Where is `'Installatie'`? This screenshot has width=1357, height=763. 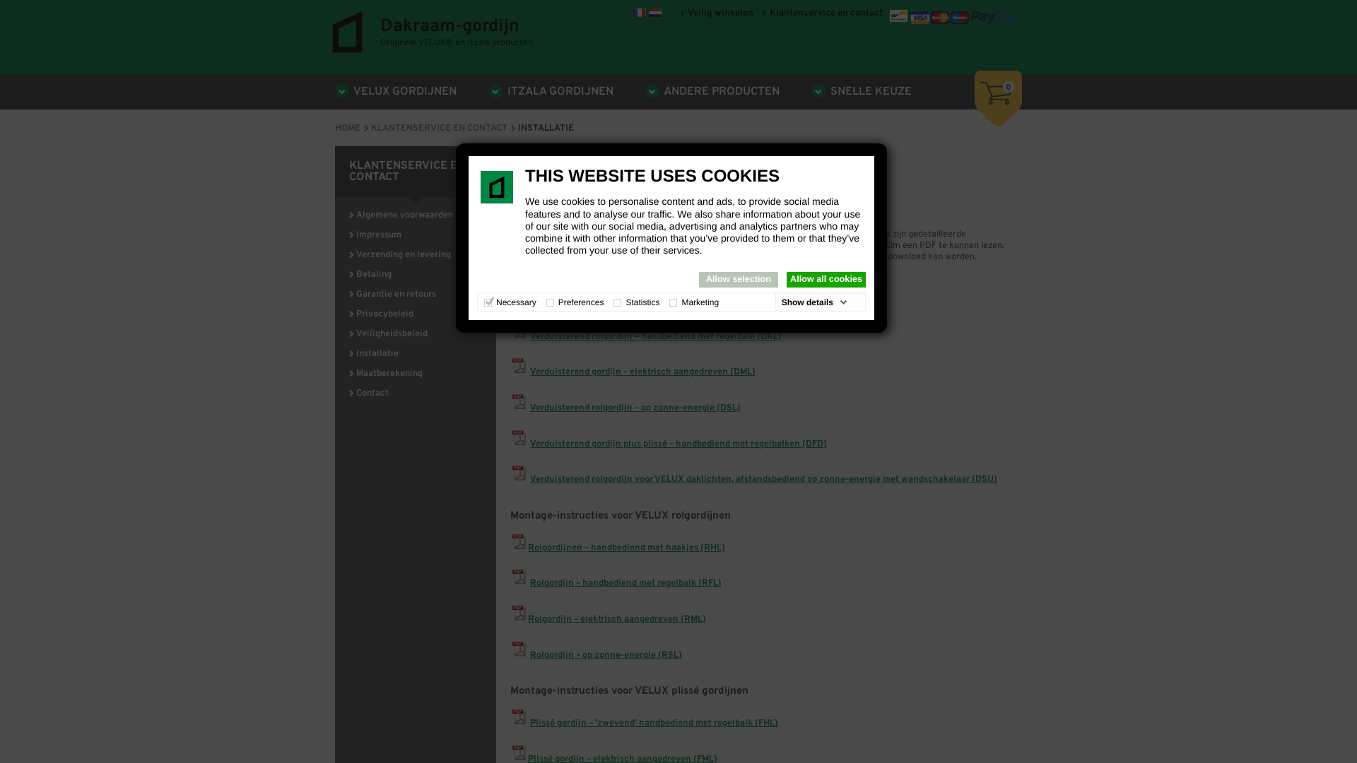 'Installatie' is located at coordinates (377, 353).